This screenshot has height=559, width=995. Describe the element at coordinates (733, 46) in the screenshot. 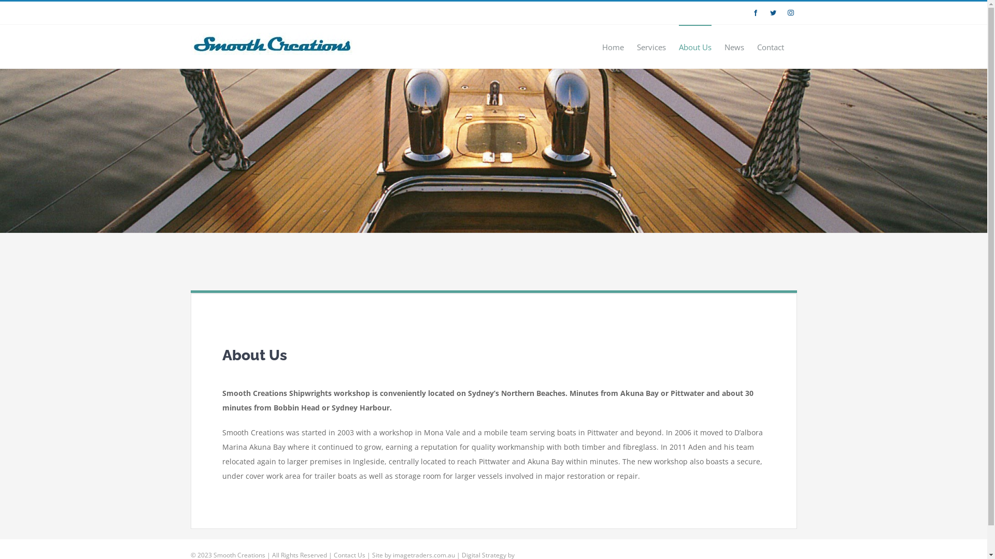

I see `'News'` at that location.